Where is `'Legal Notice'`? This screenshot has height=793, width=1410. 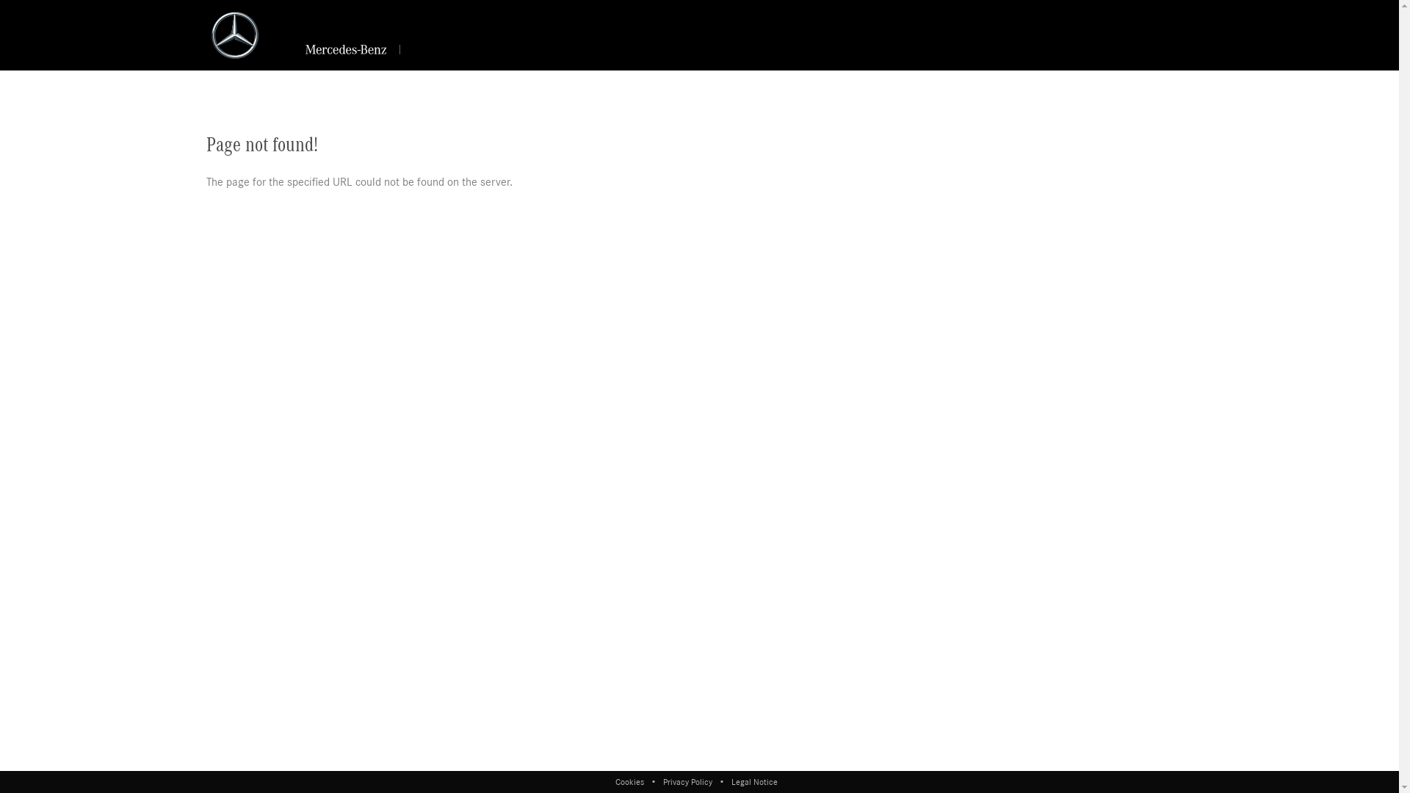 'Legal Notice' is located at coordinates (753, 781).